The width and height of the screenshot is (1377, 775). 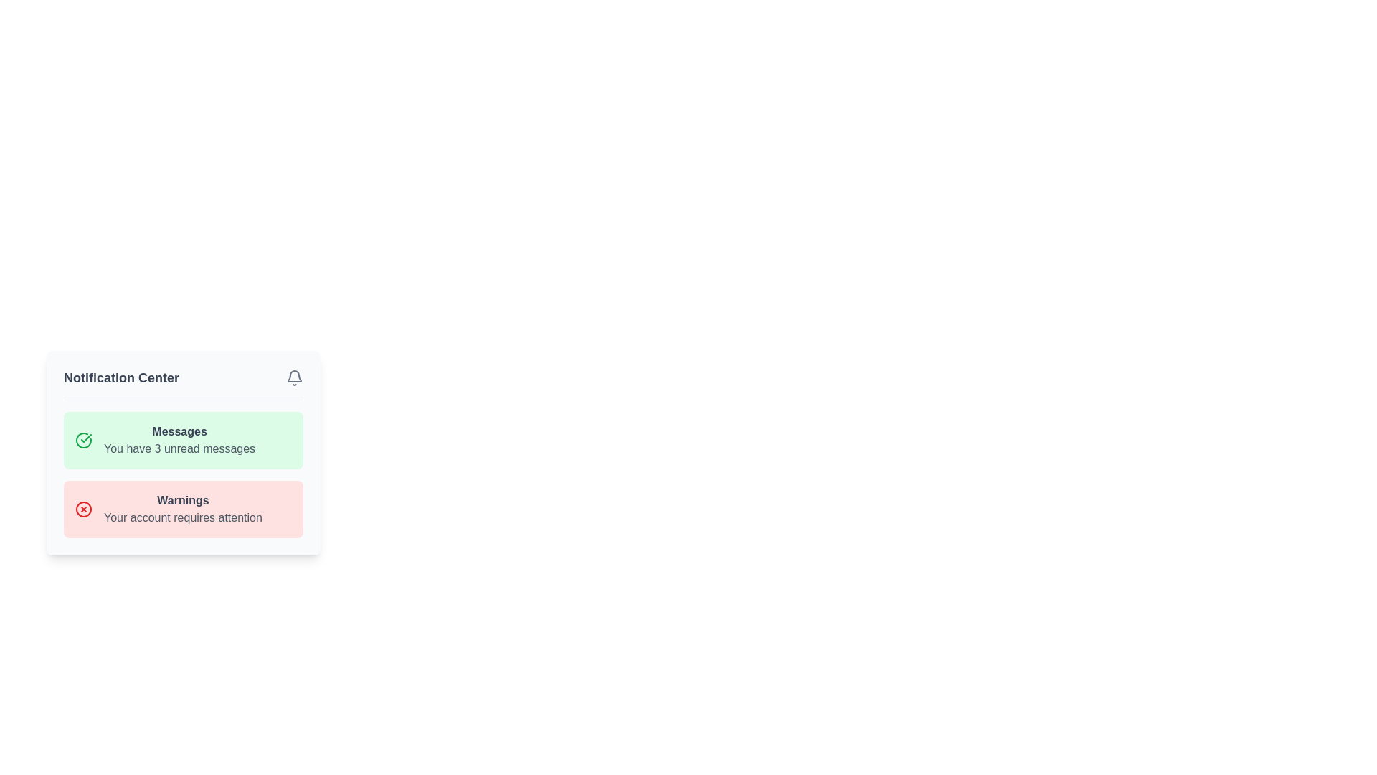 What do you see at coordinates (182, 517) in the screenshot?
I see `the static text message 'Your account requires attention' located in the warning section of the notification panel` at bounding box center [182, 517].